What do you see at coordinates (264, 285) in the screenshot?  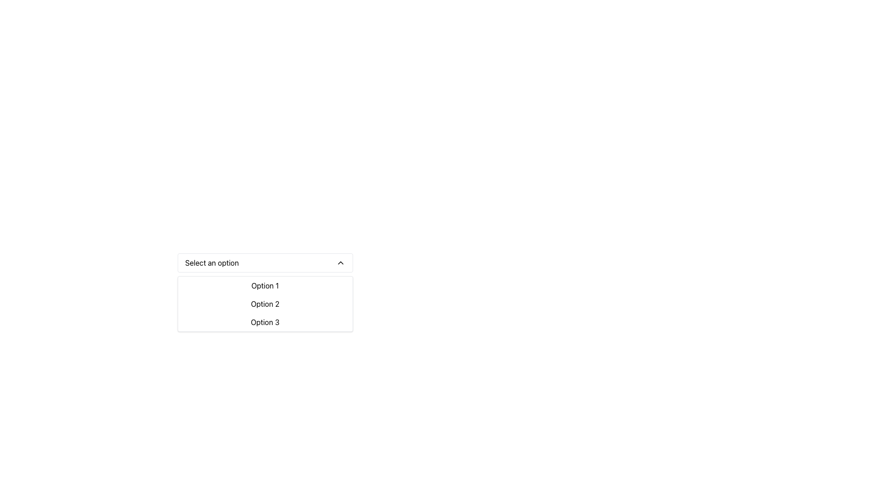 I see `the first selectable option 'Option 1' in the dropdown menu` at bounding box center [264, 285].